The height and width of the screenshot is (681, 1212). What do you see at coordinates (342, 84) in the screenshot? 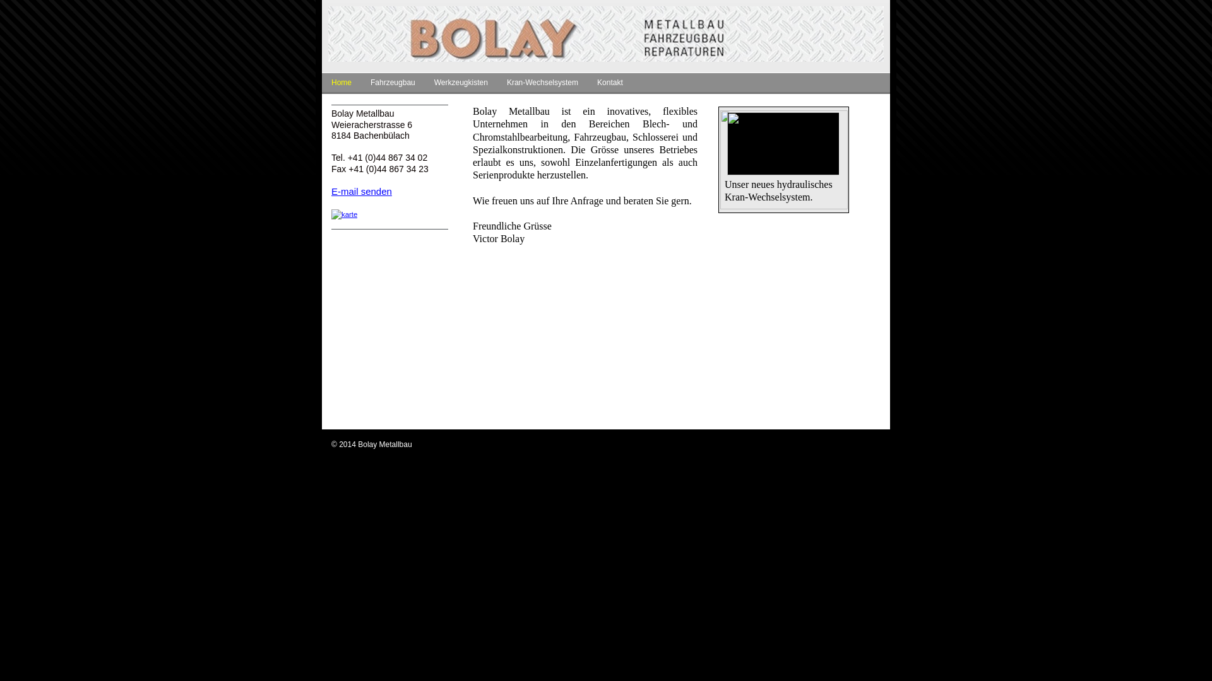
I see `'Home'` at bounding box center [342, 84].